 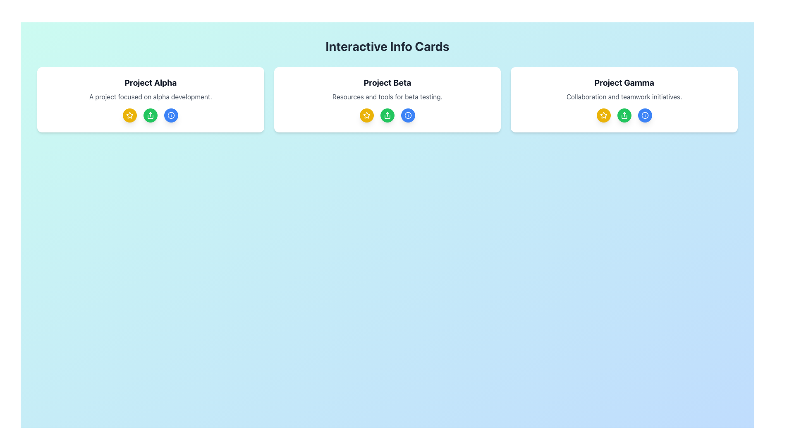 What do you see at coordinates (129, 115) in the screenshot?
I see `the first circular button under the 'Project Alpha' heading in the leftmost card, which serves as a 'favorite' or 'highlight' action` at bounding box center [129, 115].